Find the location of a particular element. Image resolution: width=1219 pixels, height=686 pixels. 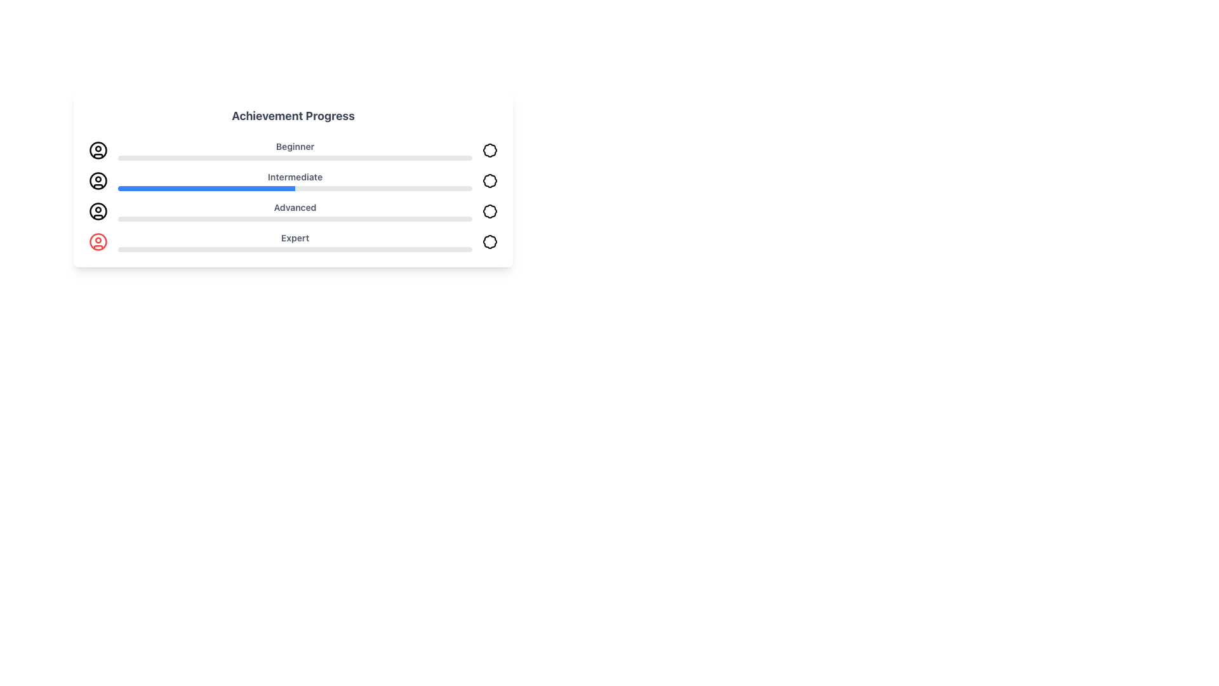

the circular user icon with a yellow fill and bold outline, located in the leftmost position of the 'Advanced' section, aligning vertically with the 'Advanced' text and the progress bar is located at coordinates (97, 210).